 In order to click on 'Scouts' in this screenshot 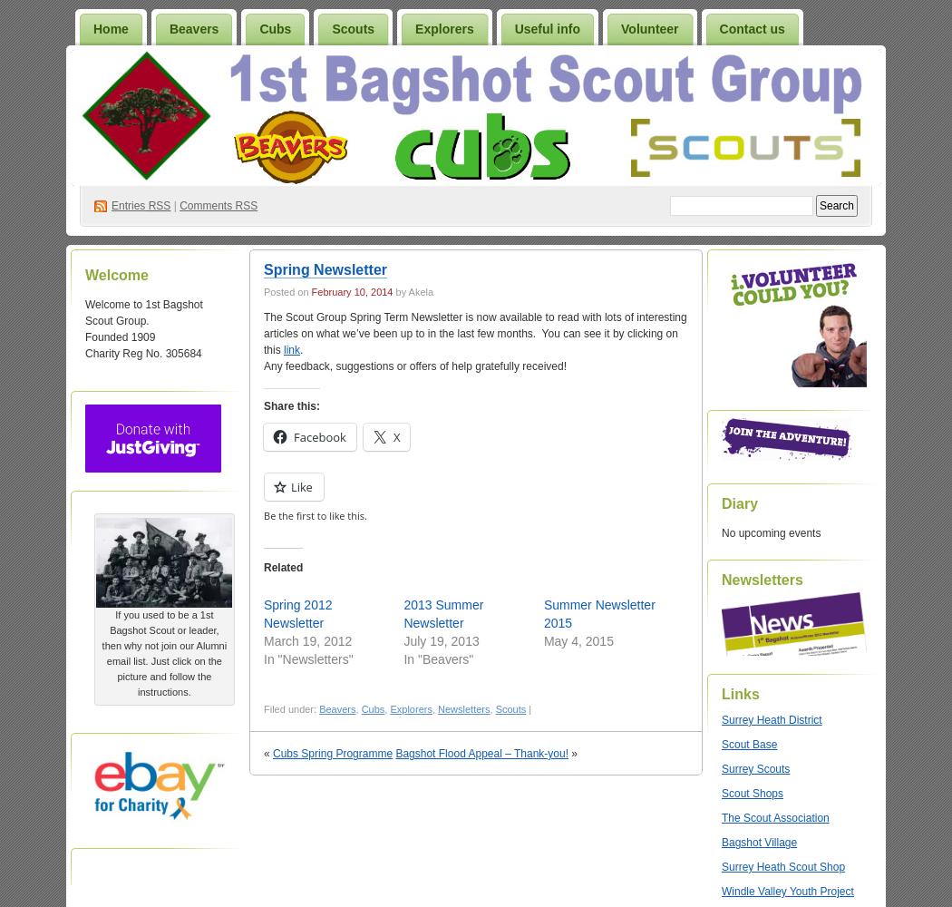, I will do `click(510, 709)`.